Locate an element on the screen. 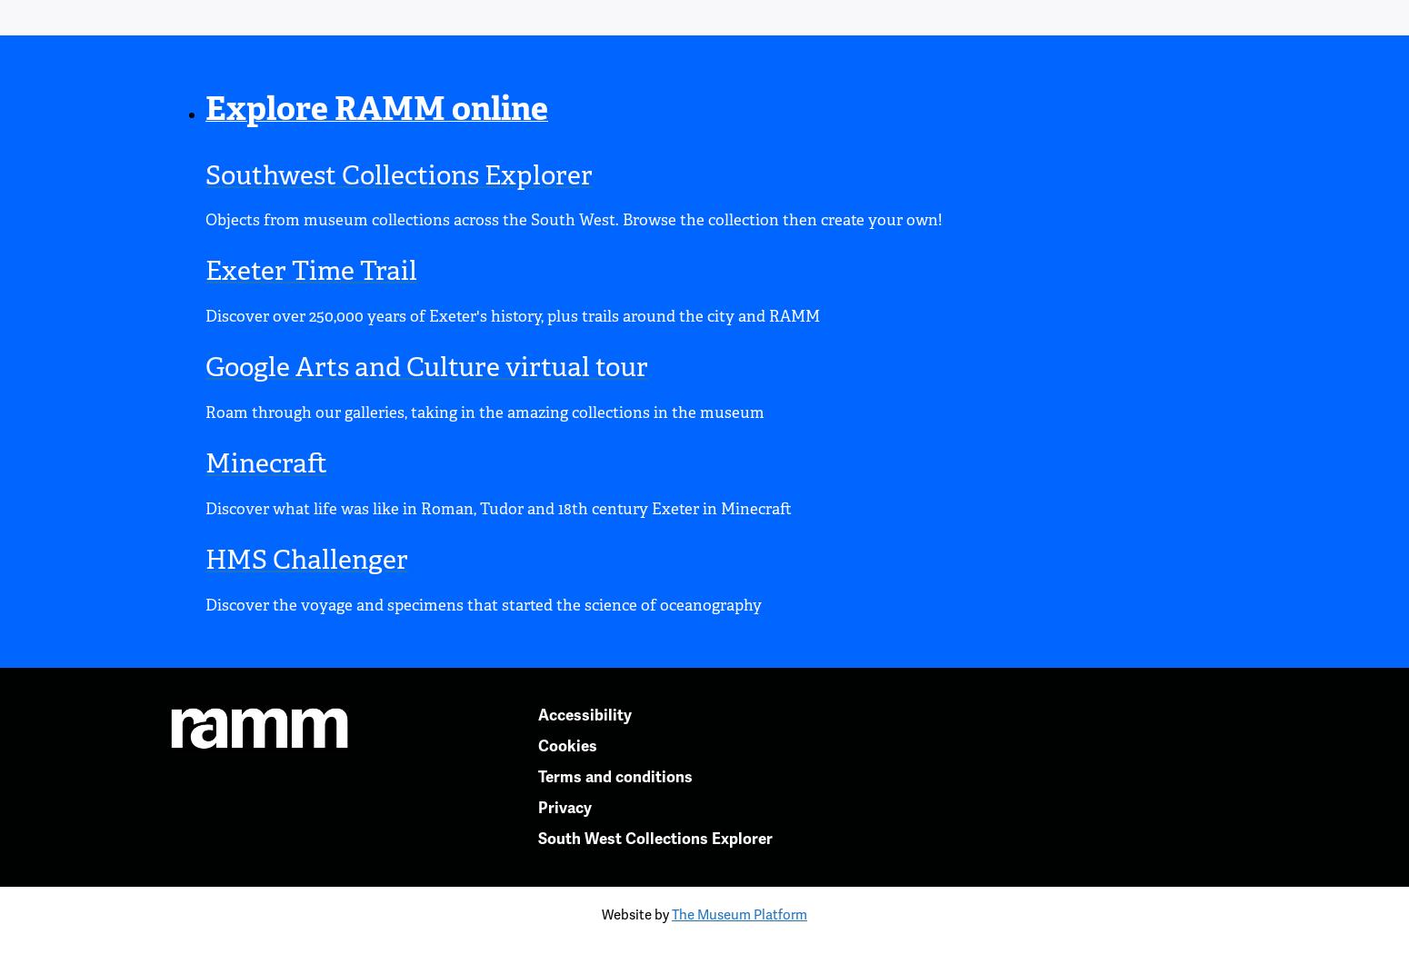 This screenshot has height=964, width=1409. 'Website by' is located at coordinates (636, 913).